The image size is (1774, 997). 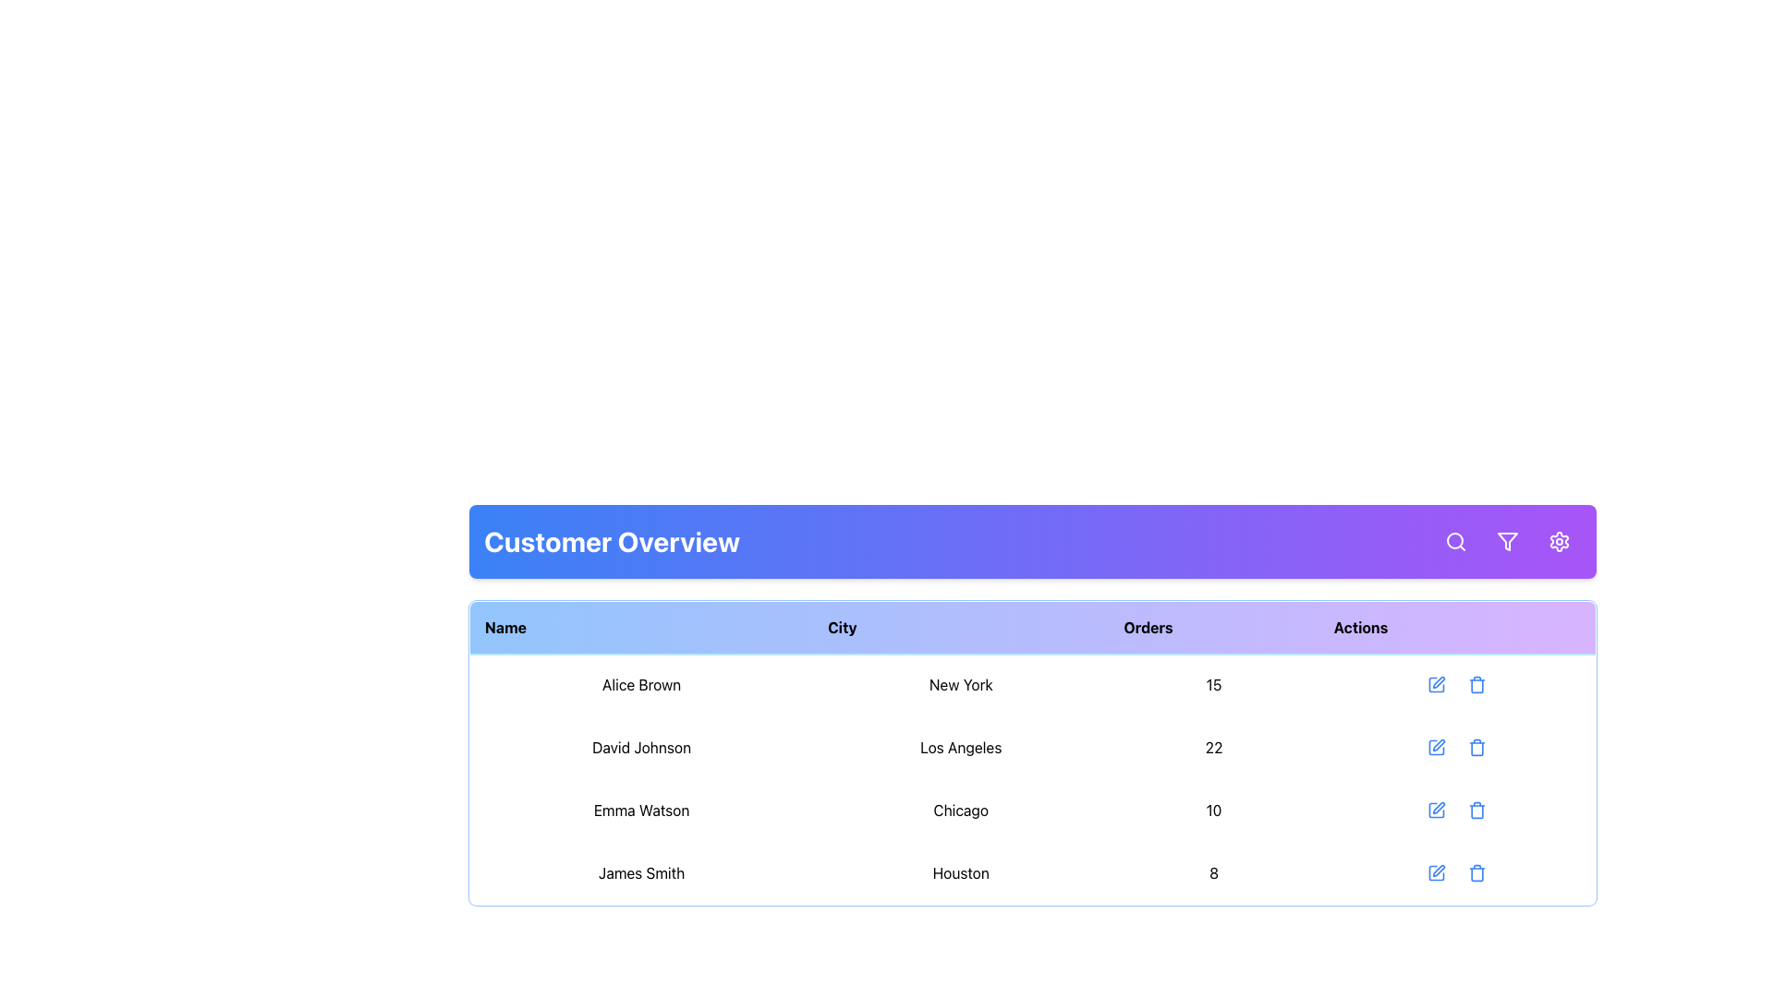 What do you see at coordinates (961, 684) in the screenshot?
I see `text from the black text label that says 'New York' in the second column of the data table under the header 'City'` at bounding box center [961, 684].